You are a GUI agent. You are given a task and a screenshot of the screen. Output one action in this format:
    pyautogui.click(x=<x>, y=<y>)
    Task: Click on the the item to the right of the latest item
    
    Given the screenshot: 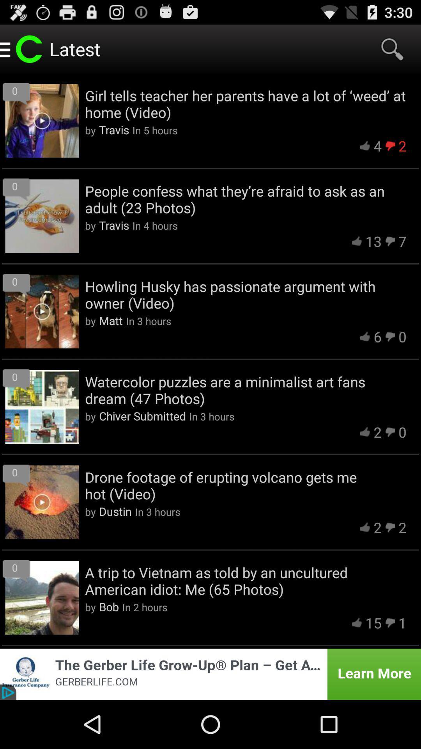 What is the action you would take?
    pyautogui.click(x=392, y=48)
    